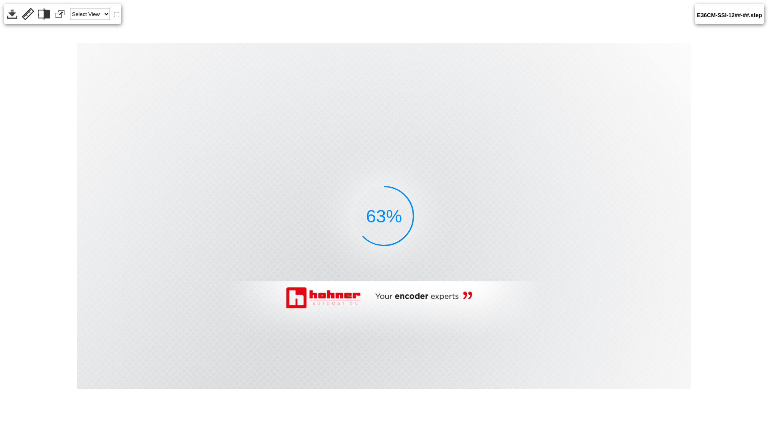 Image resolution: width=768 pixels, height=432 pixels. Describe the element at coordinates (12, 14) in the screenshot. I see `'Download'` at that location.